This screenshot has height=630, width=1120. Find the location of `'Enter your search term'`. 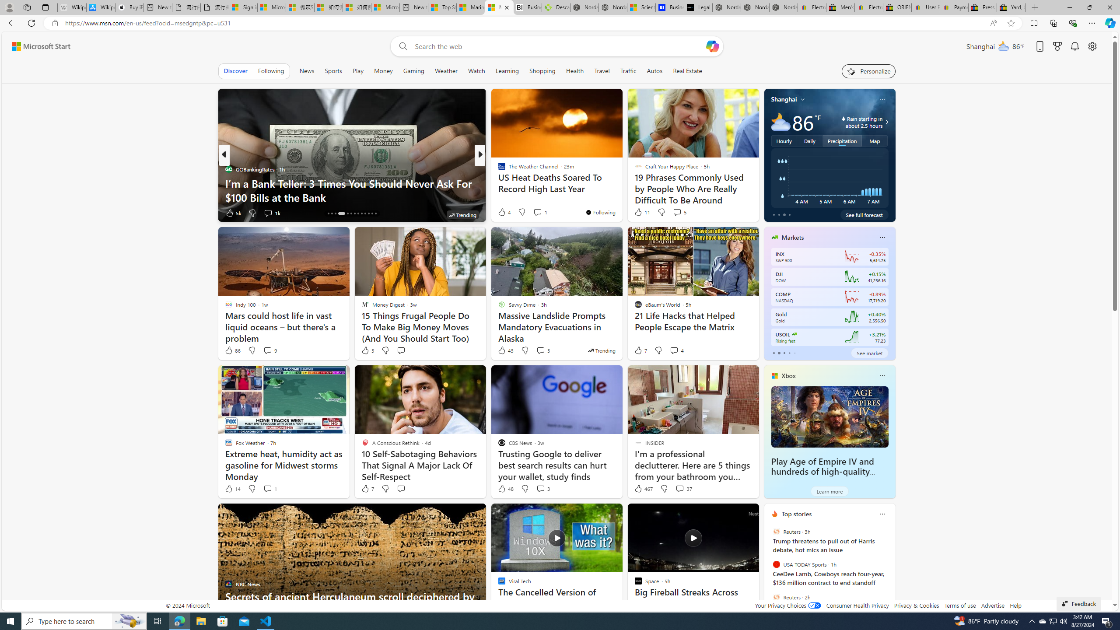

'Enter your search term' is located at coordinates (558, 45).